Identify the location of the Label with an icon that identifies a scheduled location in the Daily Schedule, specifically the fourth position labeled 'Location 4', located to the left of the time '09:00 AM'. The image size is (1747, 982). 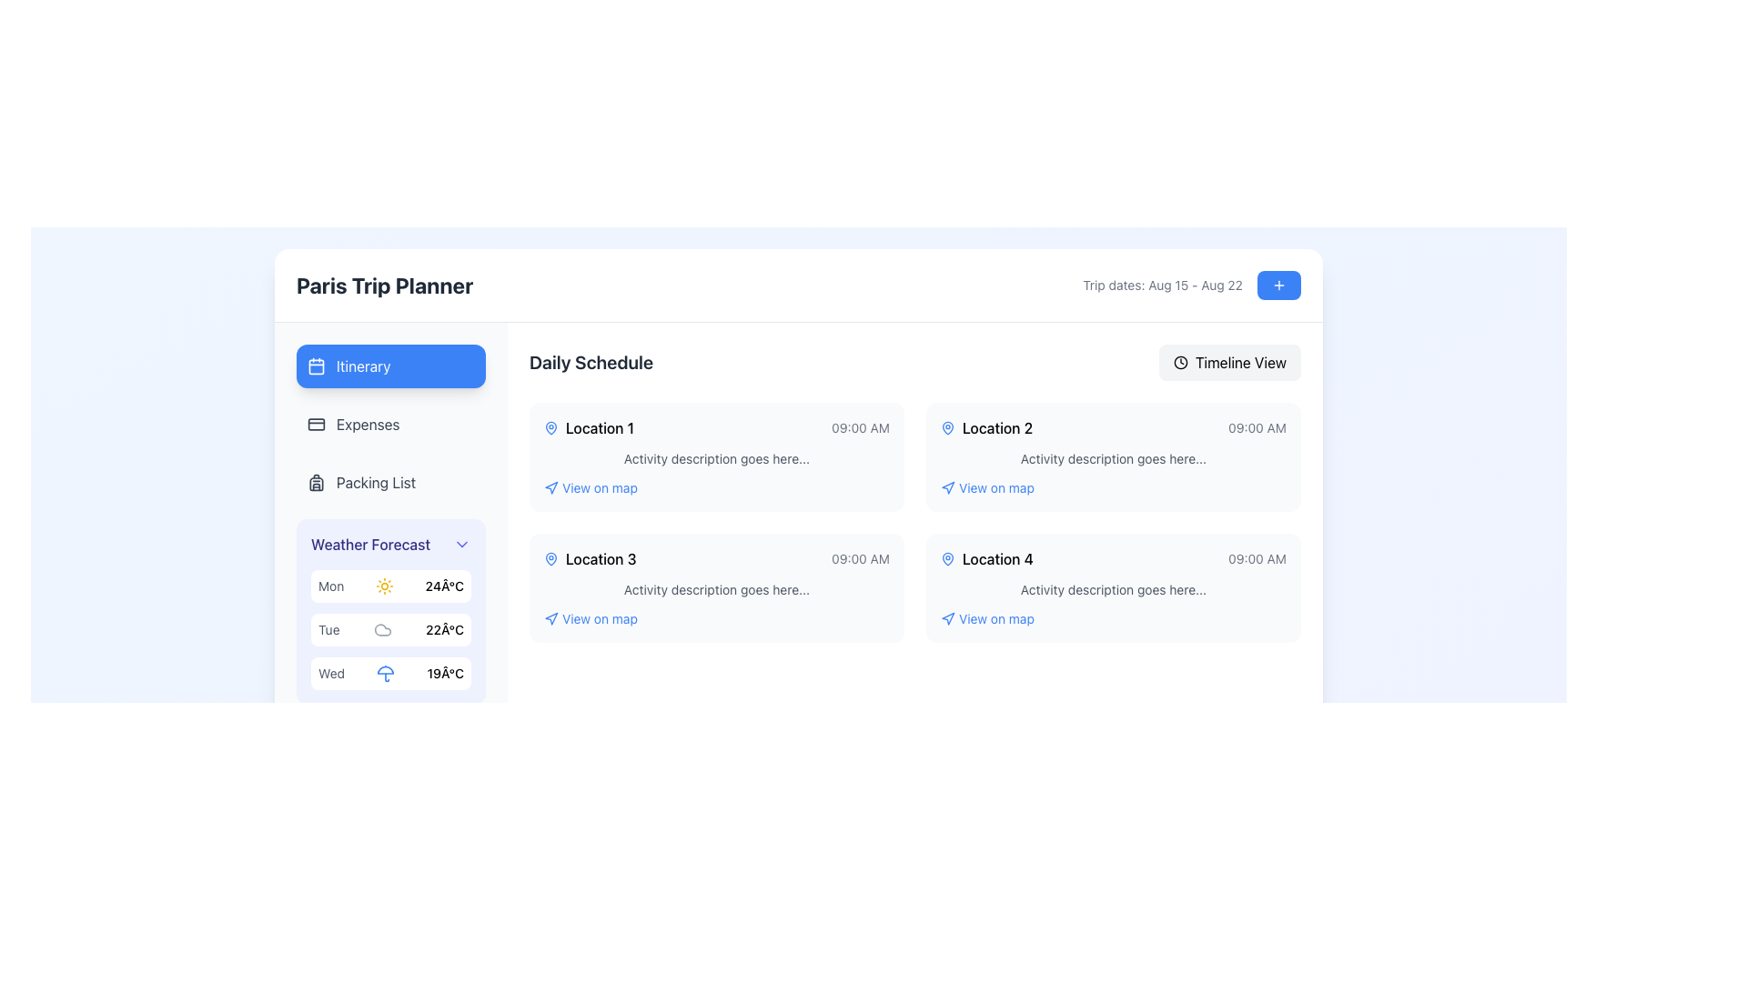
(985, 557).